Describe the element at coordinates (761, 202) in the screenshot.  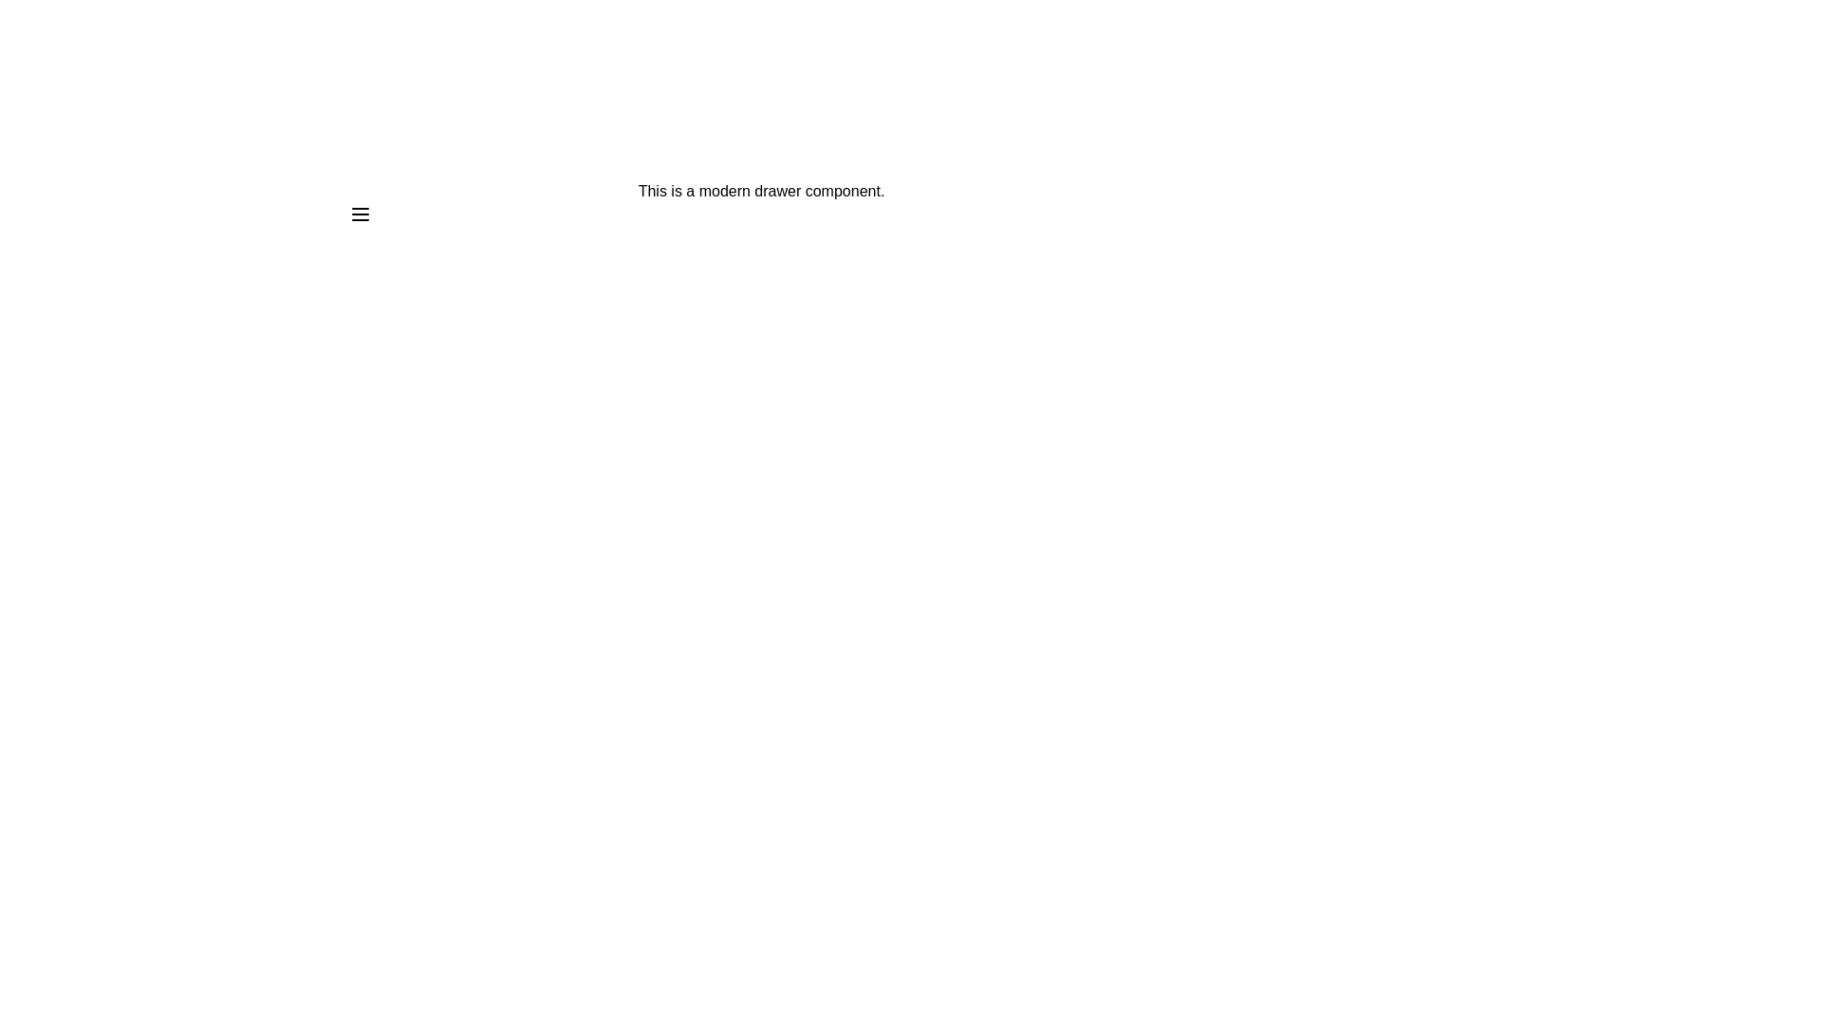
I see `the descriptive text to select it` at that location.